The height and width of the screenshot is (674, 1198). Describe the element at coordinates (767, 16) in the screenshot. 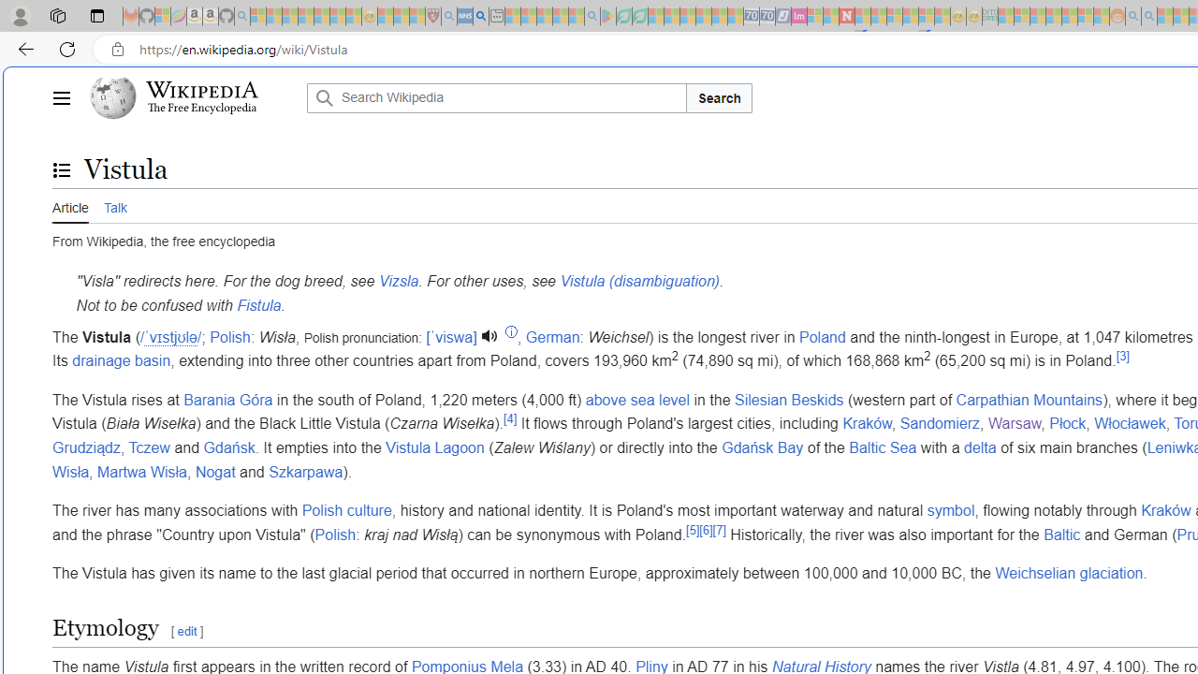

I see `'Cheap Hotels - Save70.com - Sleeping'` at that location.